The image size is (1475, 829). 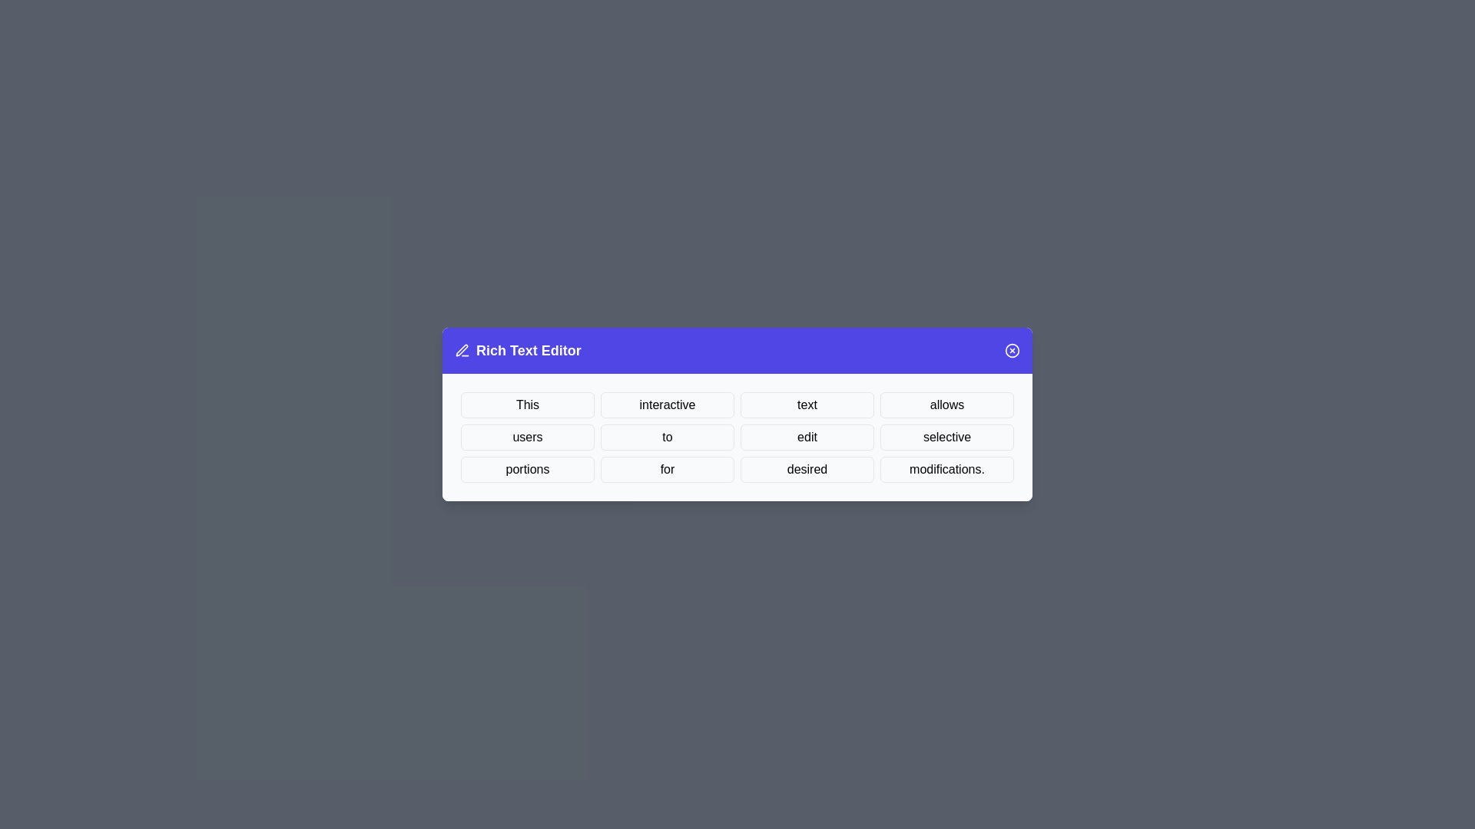 What do you see at coordinates (807, 438) in the screenshot?
I see `the word edit to select it` at bounding box center [807, 438].